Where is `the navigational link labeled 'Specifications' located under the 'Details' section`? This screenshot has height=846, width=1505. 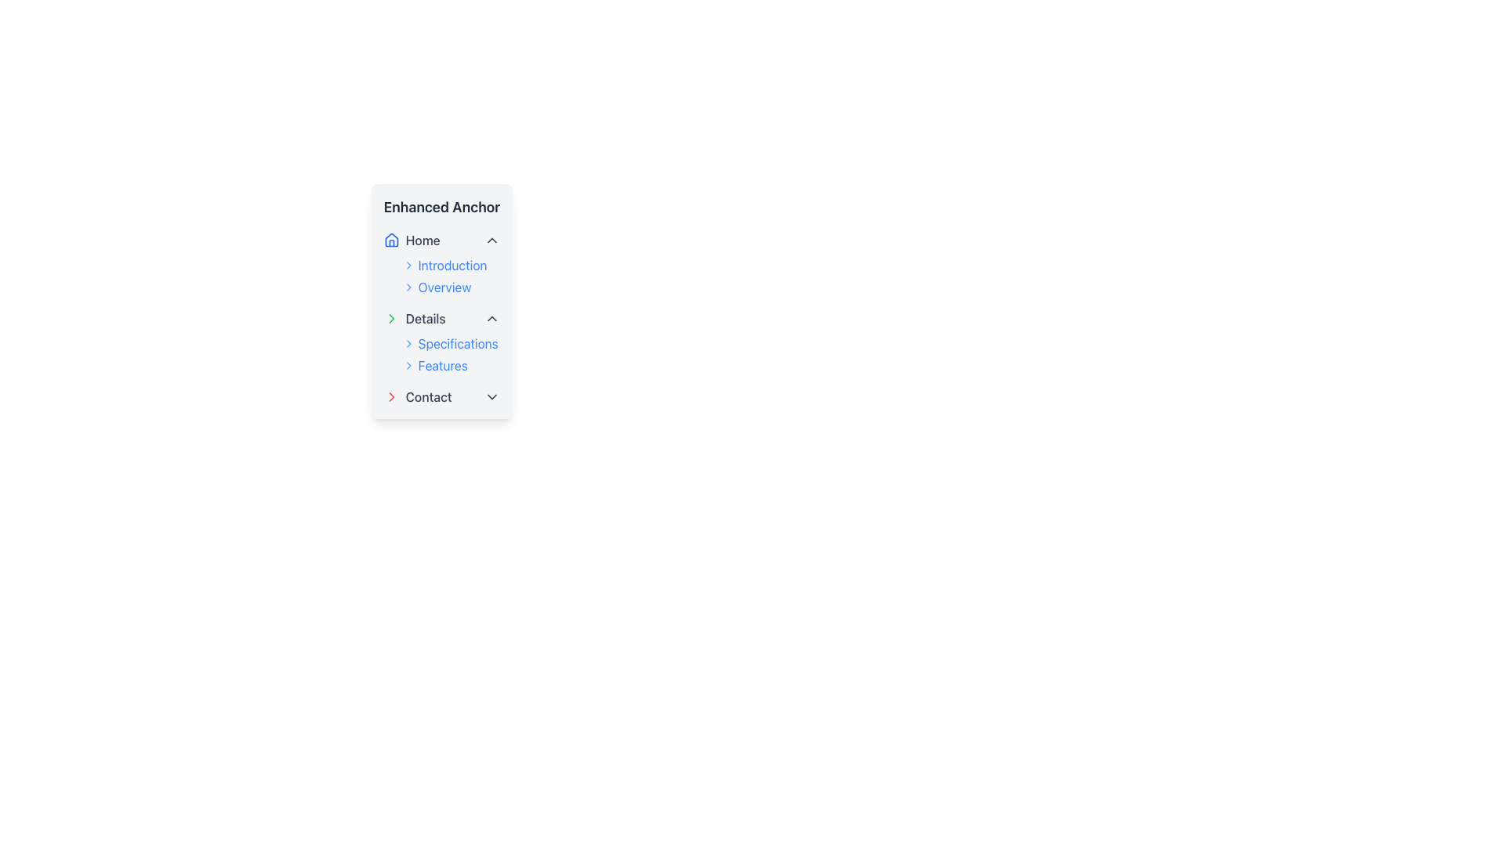
the navigational link labeled 'Specifications' located under the 'Details' section is located at coordinates (451, 343).